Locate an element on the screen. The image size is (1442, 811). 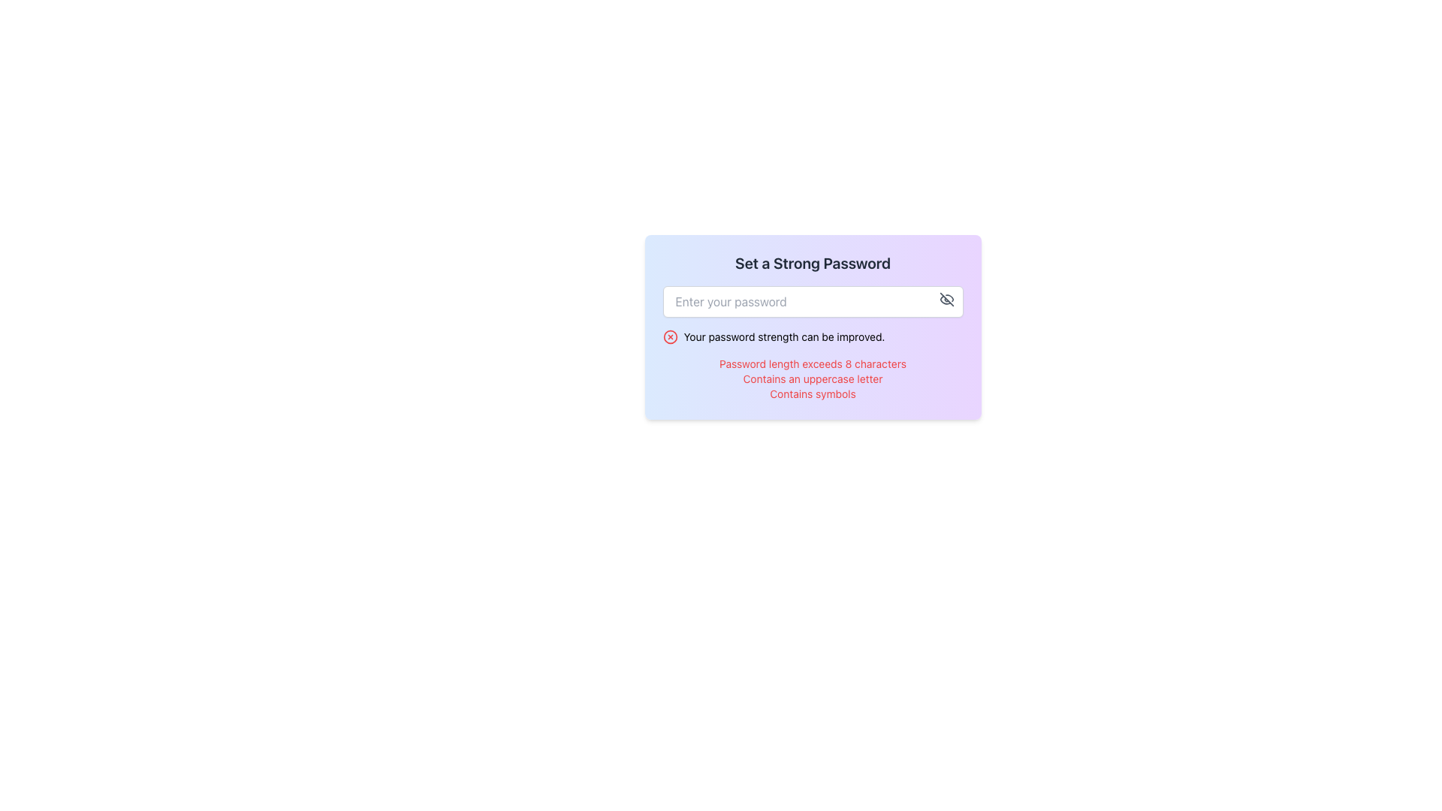
the text element displaying 'Contains symbols', which is styled in red and appears below 'Contains an uppercase letter' in the alert message area is located at coordinates (812, 393).